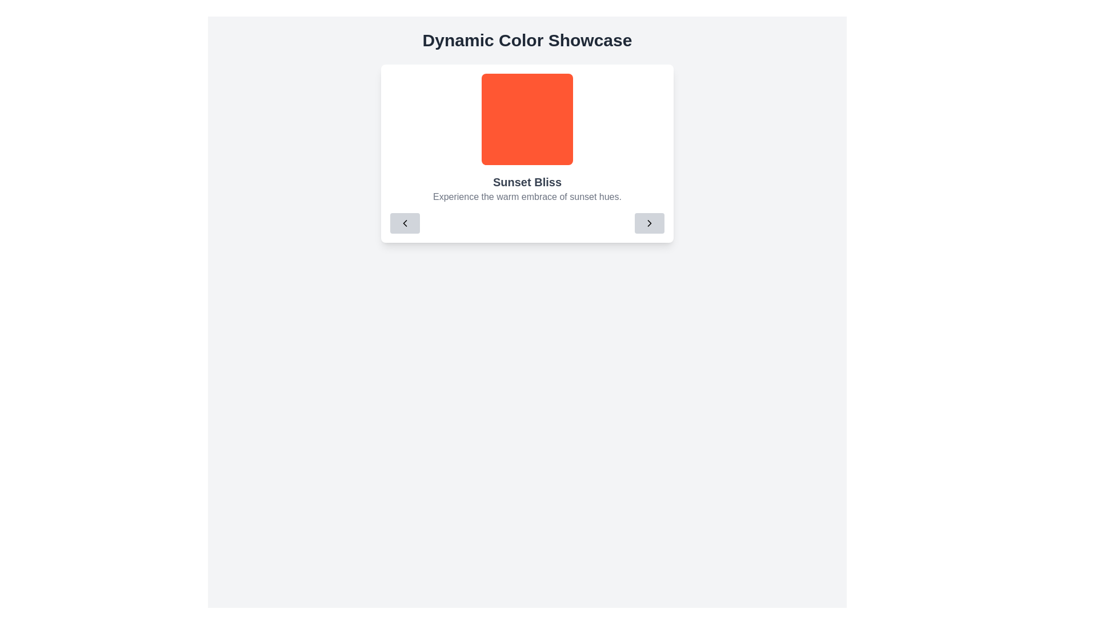 The image size is (1097, 617). Describe the element at coordinates (650, 223) in the screenshot. I see `the right-facing chevron icon inside the gray rounded rectangular button on the far right of the control panel` at that location.